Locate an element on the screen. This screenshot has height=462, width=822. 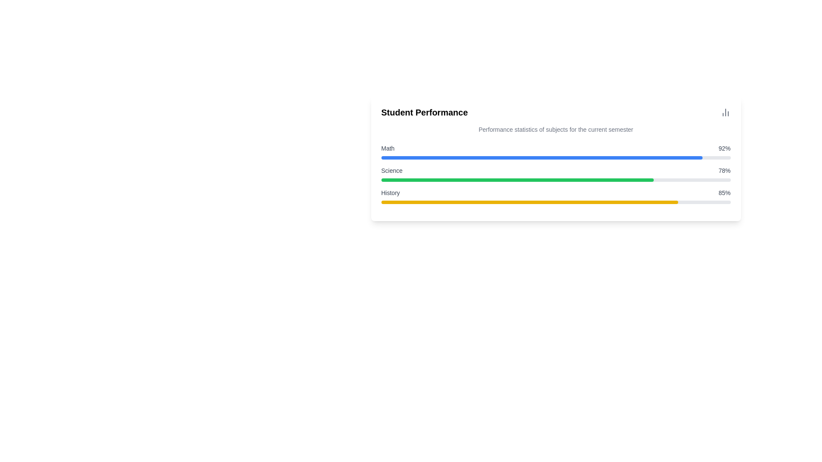
the 'Science' progress bar in the 'Student Performance' section, which features a light gray background and a green segment representing 78% completion is located at coordinates (556, 179).